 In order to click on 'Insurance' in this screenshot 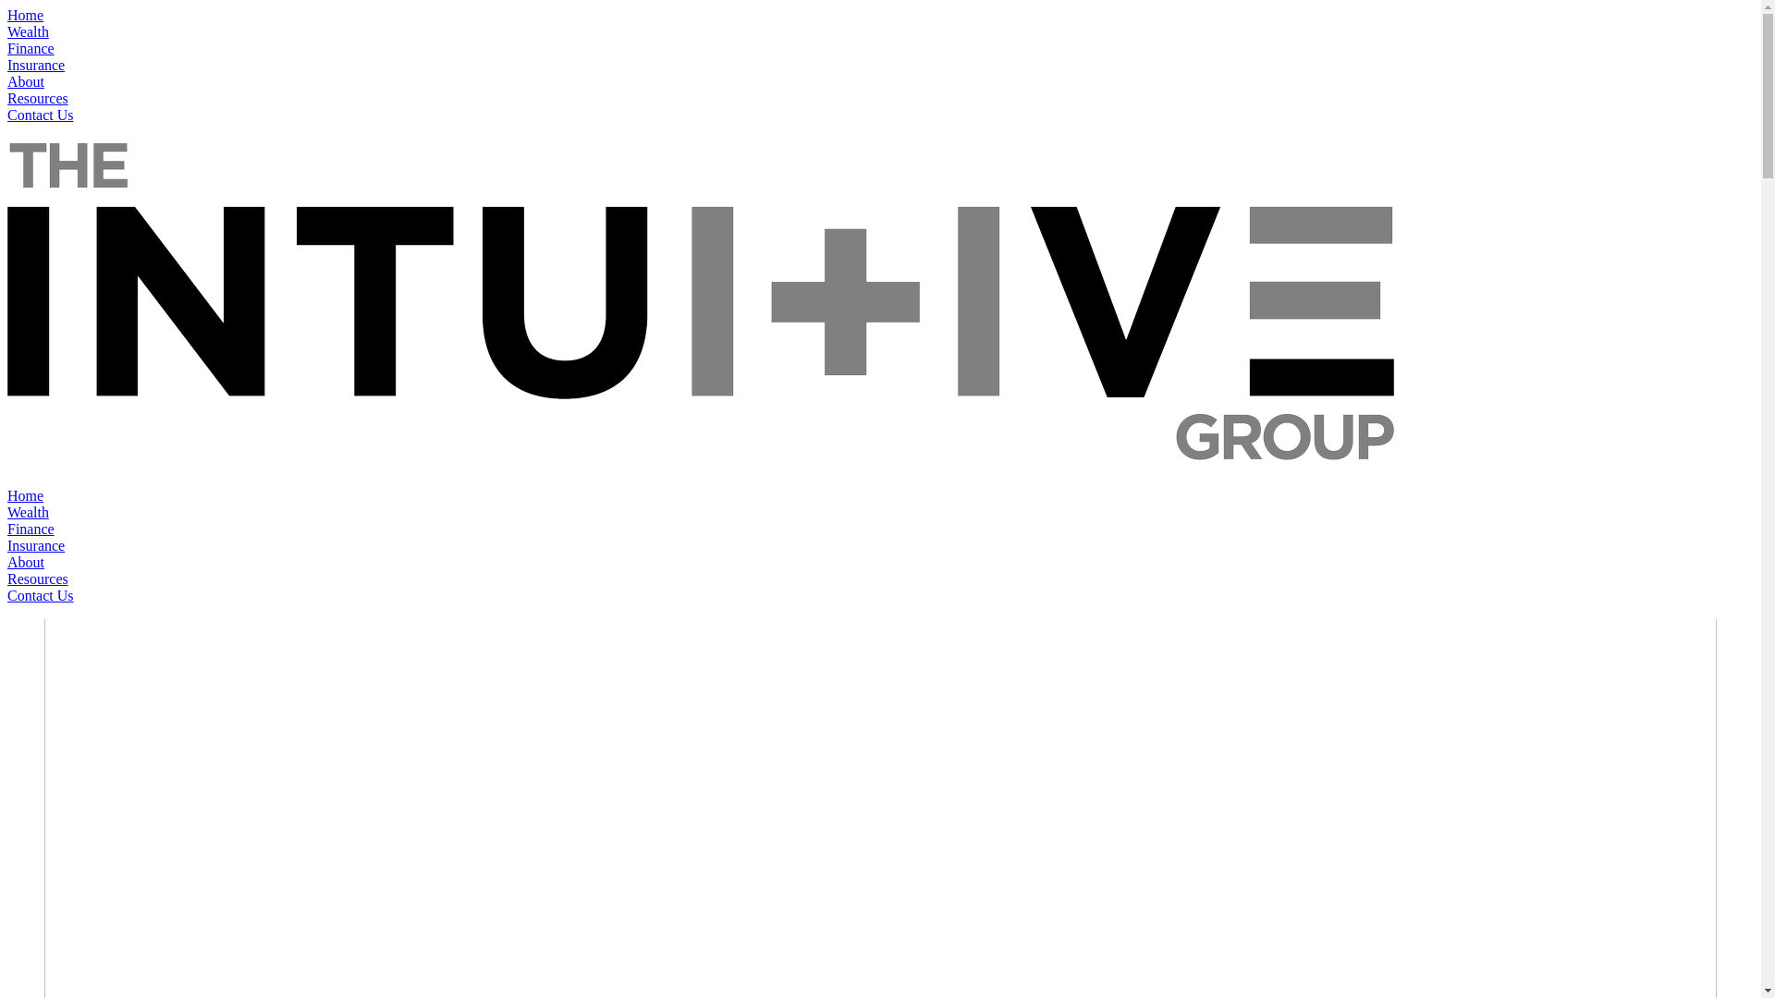, I will do `click(35, 64)`.